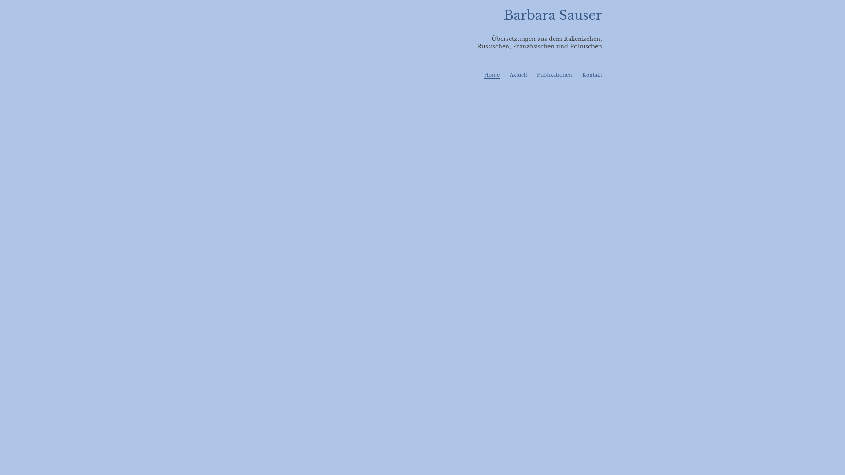 Image resolution: width=845 pixels, height=475 pixels. I want to click on 'Aktuell', so click(518, 74).